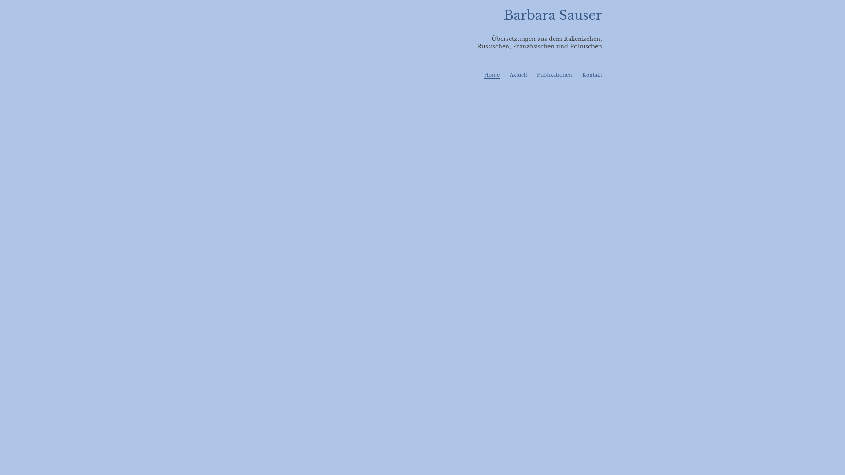 Image resolution: width=845 pixels, height=475 pixels. I want to click on 'Aktuell', so click(518, 74).